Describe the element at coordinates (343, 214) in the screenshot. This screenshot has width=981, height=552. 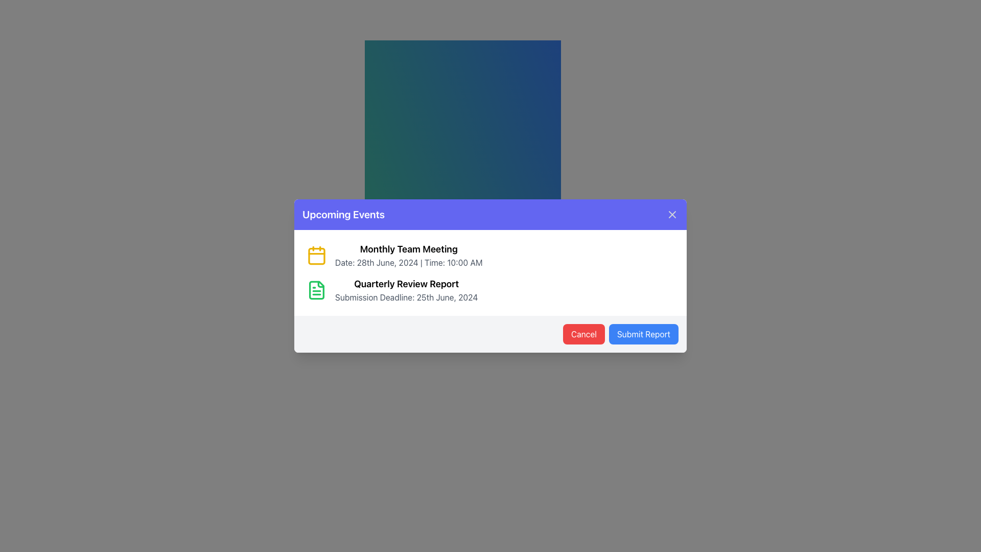
I see `the text label that serves as the title for the section about 'Upcoming Events', located in the top-left corner of a blue section in the dialog box` at that location.